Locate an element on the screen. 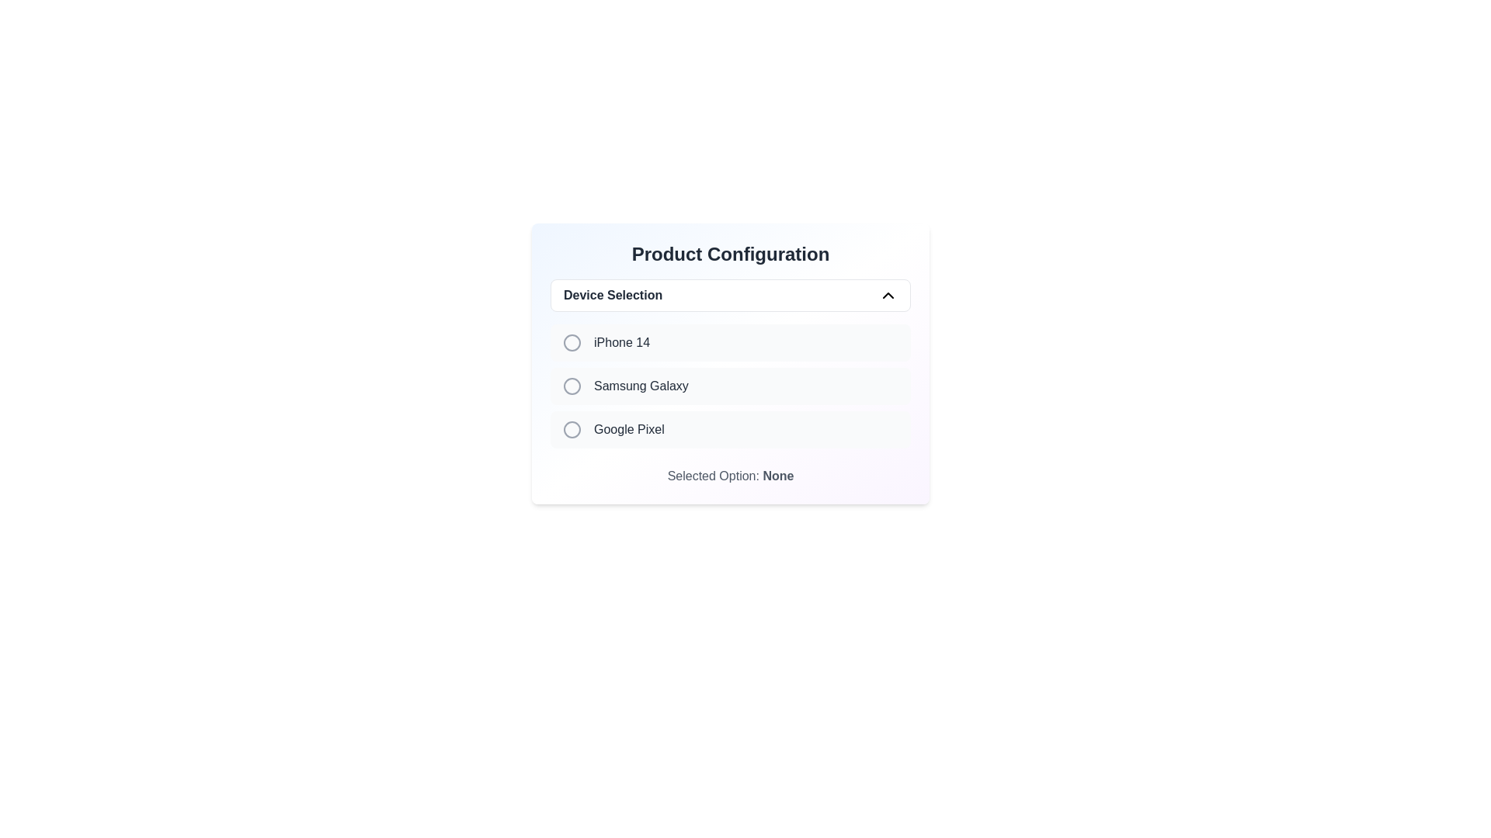  the radio button labeled 'Samsung Galaxy' is located at coordinates (572, 385).